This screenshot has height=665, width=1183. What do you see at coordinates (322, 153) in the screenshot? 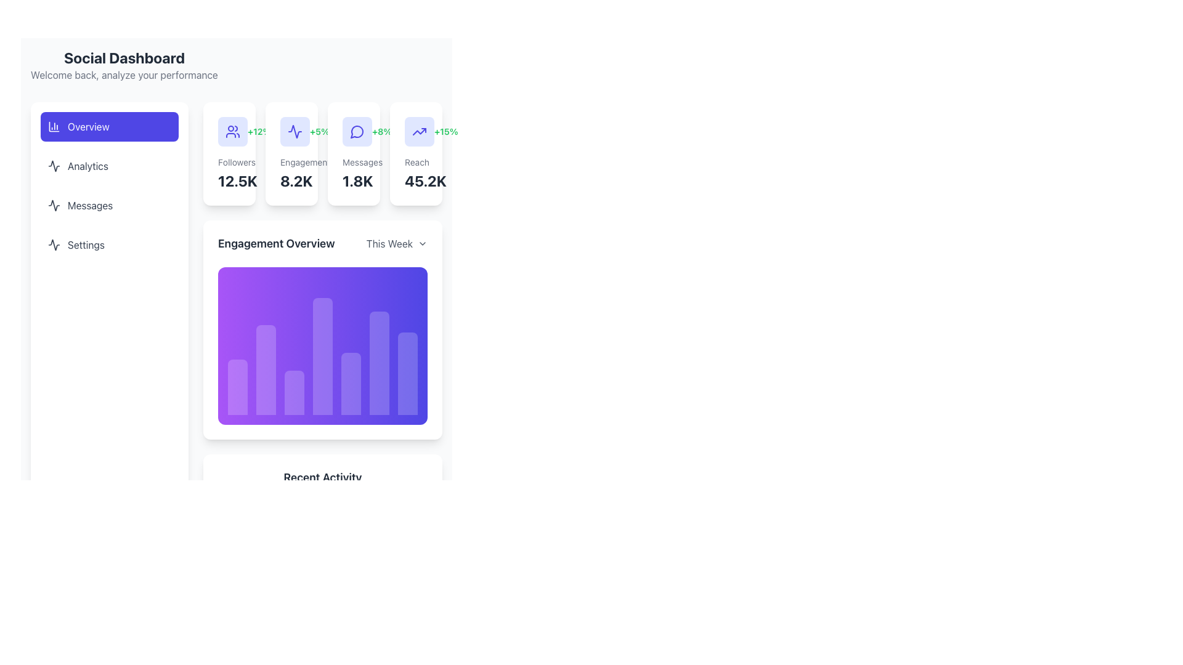
I see `the Information card that displays metrics, which is the second card in a row of four on the dashboard interface` at bounding box center [322, 153].